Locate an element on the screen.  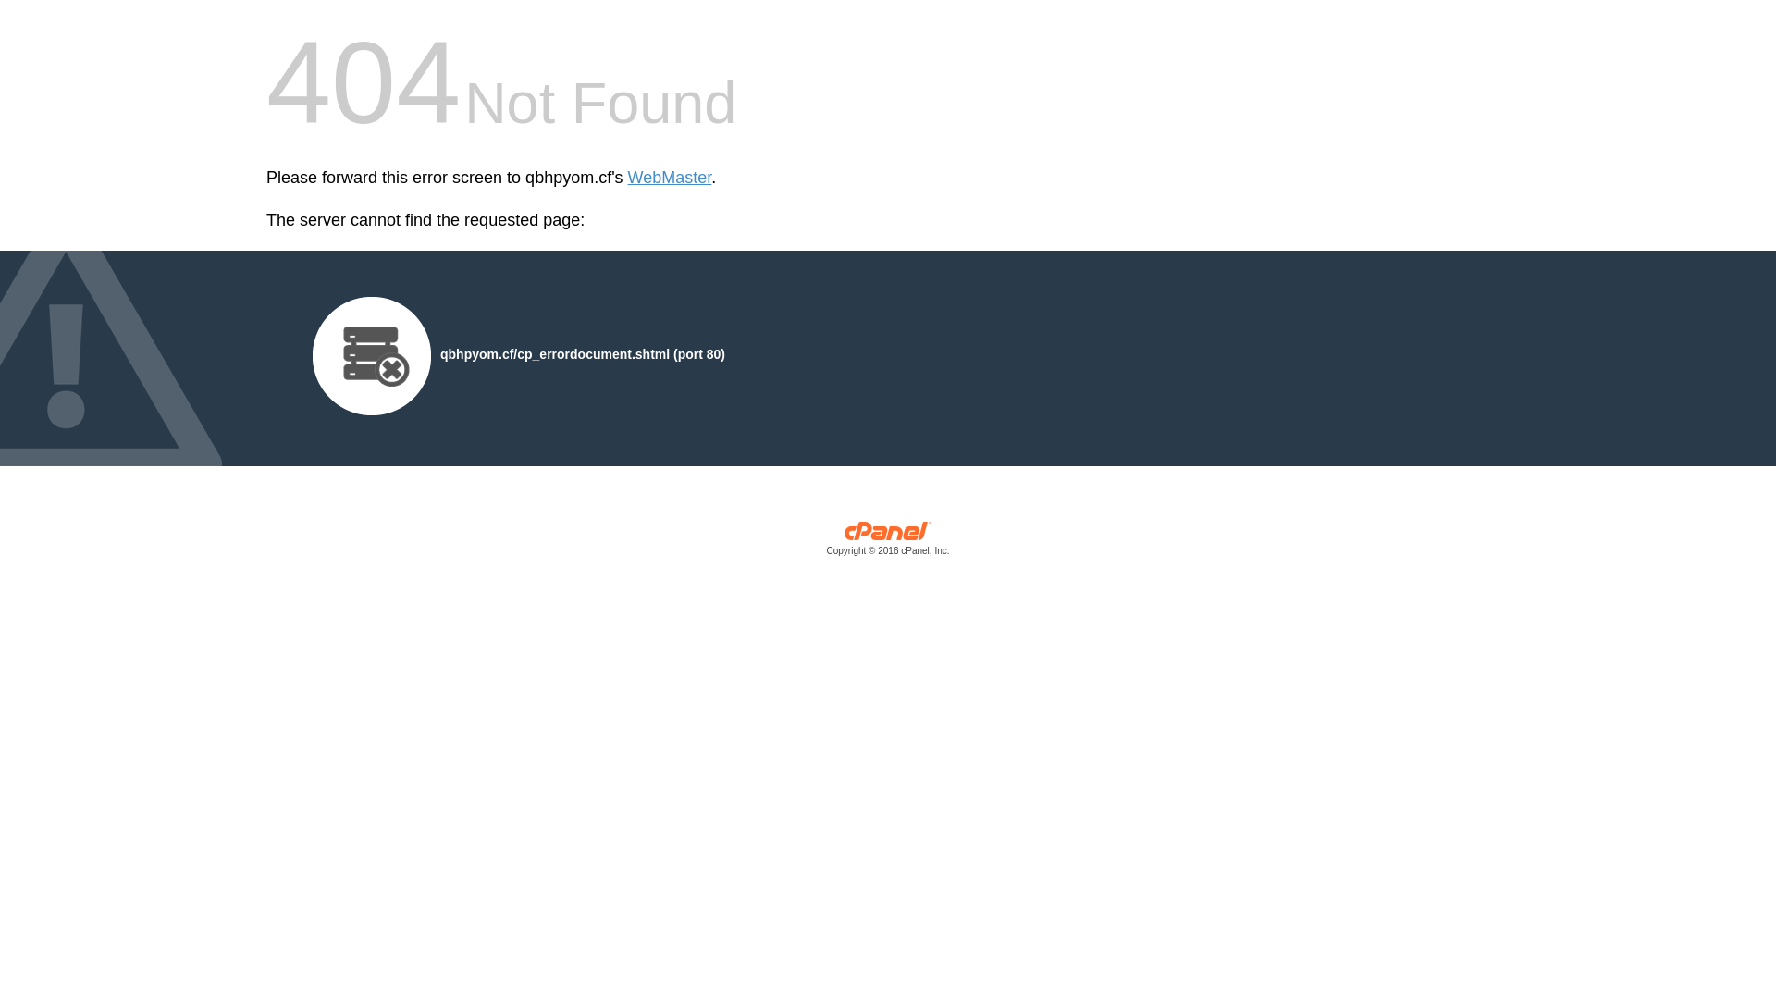
'WebMaster' is located at coordinates (669, 178).